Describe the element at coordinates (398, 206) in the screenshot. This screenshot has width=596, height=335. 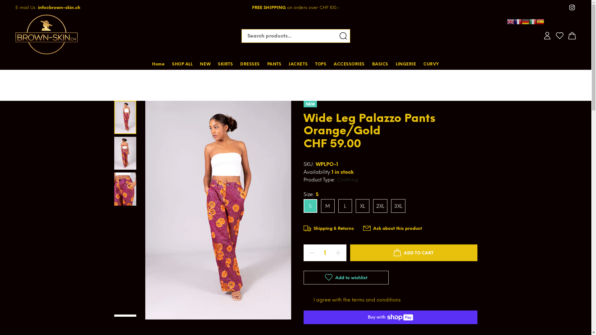
I see `'3XL'` at that location.